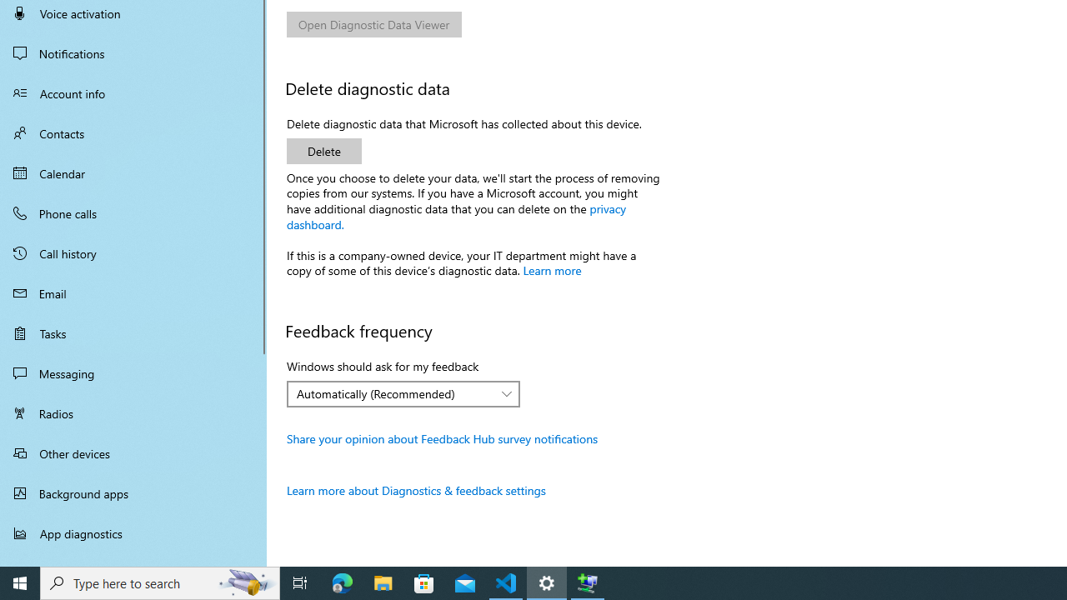 This screenshot has height=600, width=1067. I want to click on 'Tasks', so click(133, 332).